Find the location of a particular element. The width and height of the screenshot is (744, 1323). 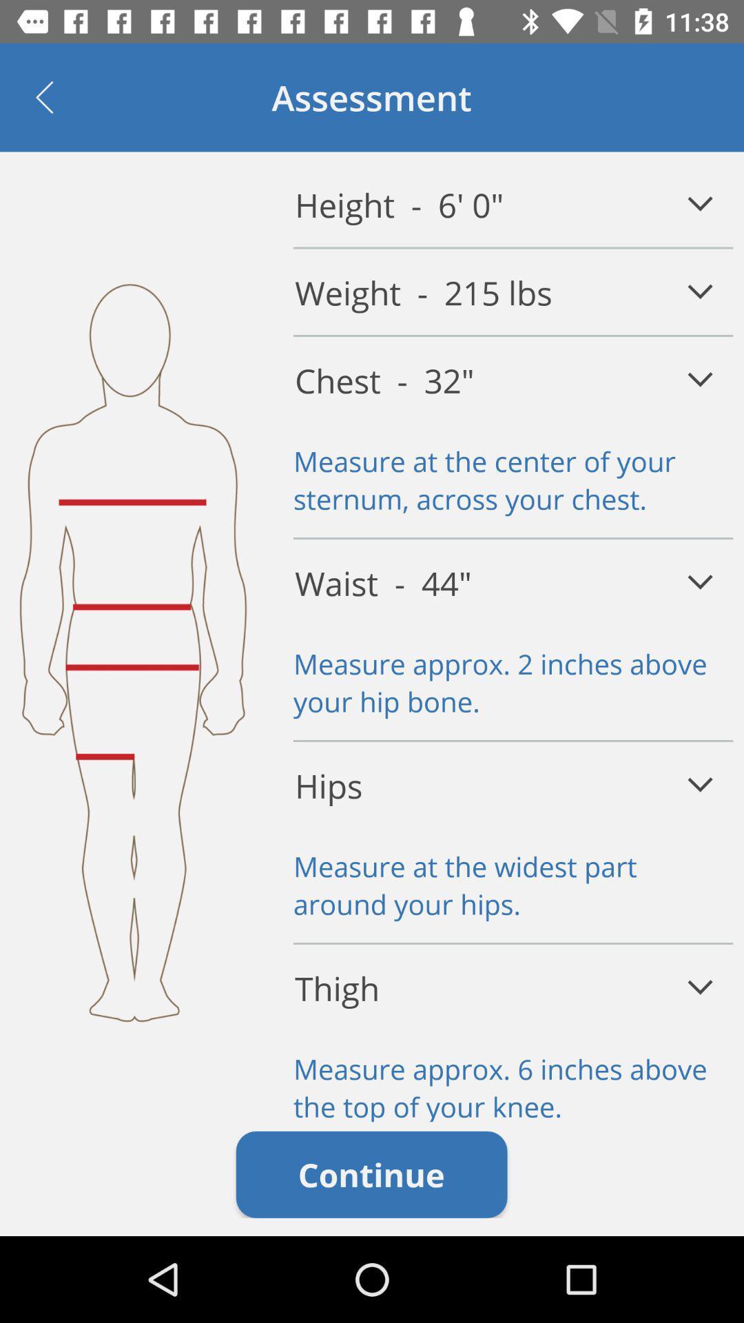

item at the top left corner is located at coordinates (43, 96).